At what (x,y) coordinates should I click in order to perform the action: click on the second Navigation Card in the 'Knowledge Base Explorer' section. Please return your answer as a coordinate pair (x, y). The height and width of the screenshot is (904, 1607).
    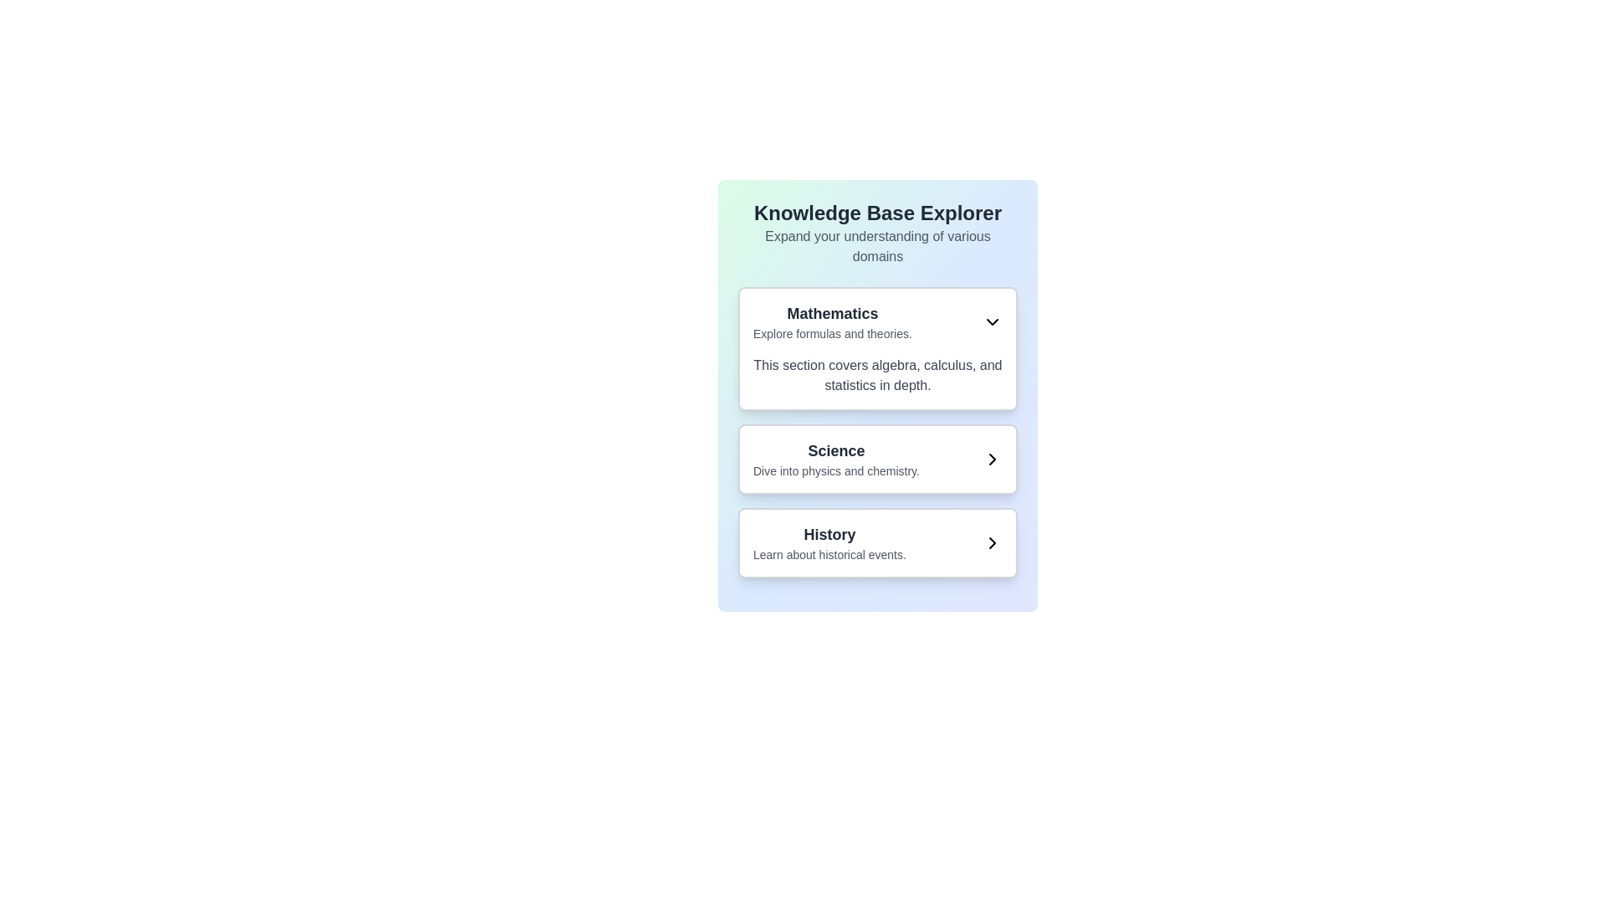
    Looking at the image, I should click on (877, 459).